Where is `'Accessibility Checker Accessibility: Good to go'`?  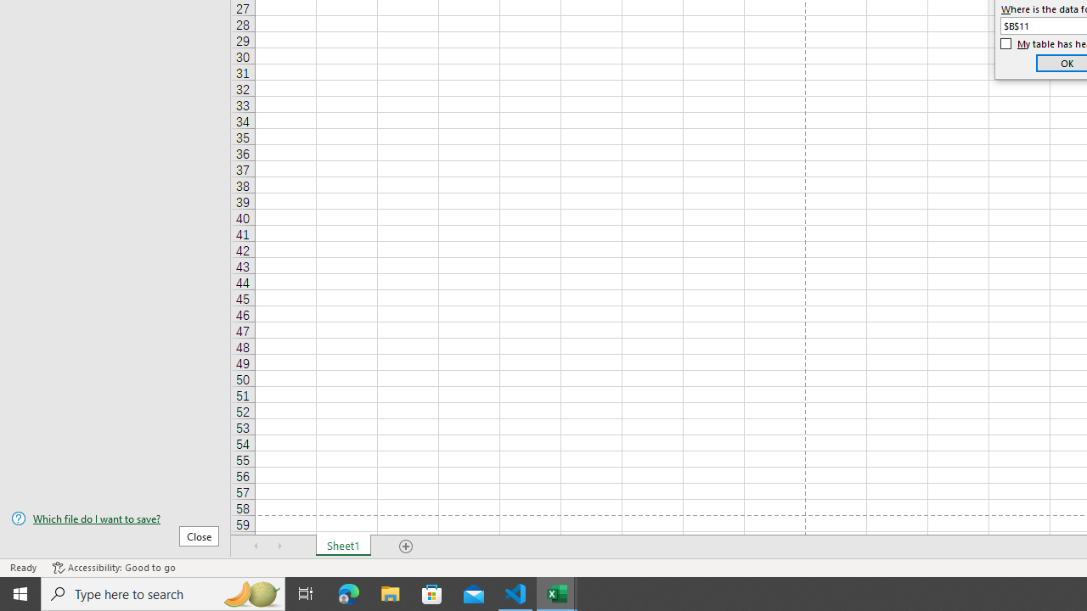
'Accessibility Checker Accessibility: Good to go' is located at coordinates (113, 568).